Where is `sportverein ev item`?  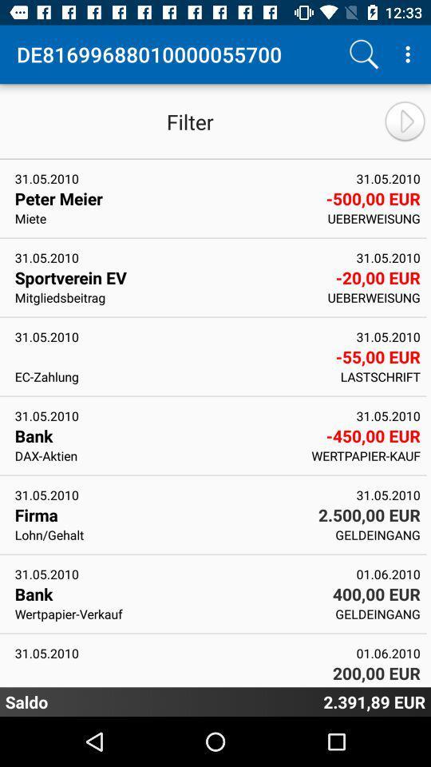 sportverein ev item is located at coordinates (169, 277).